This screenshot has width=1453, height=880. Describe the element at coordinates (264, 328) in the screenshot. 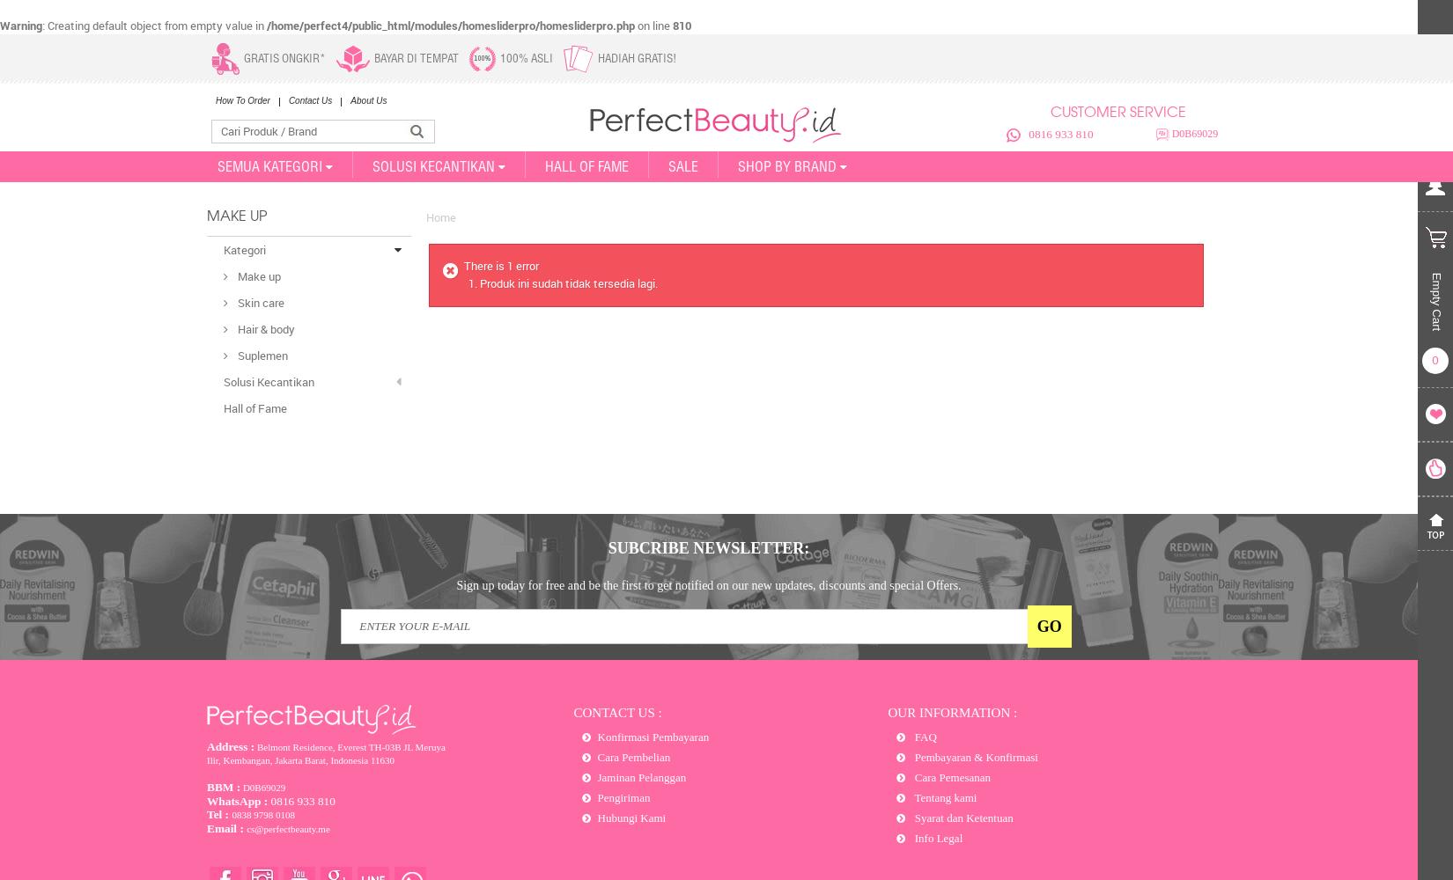

I see `'Hair & body'` at that location.